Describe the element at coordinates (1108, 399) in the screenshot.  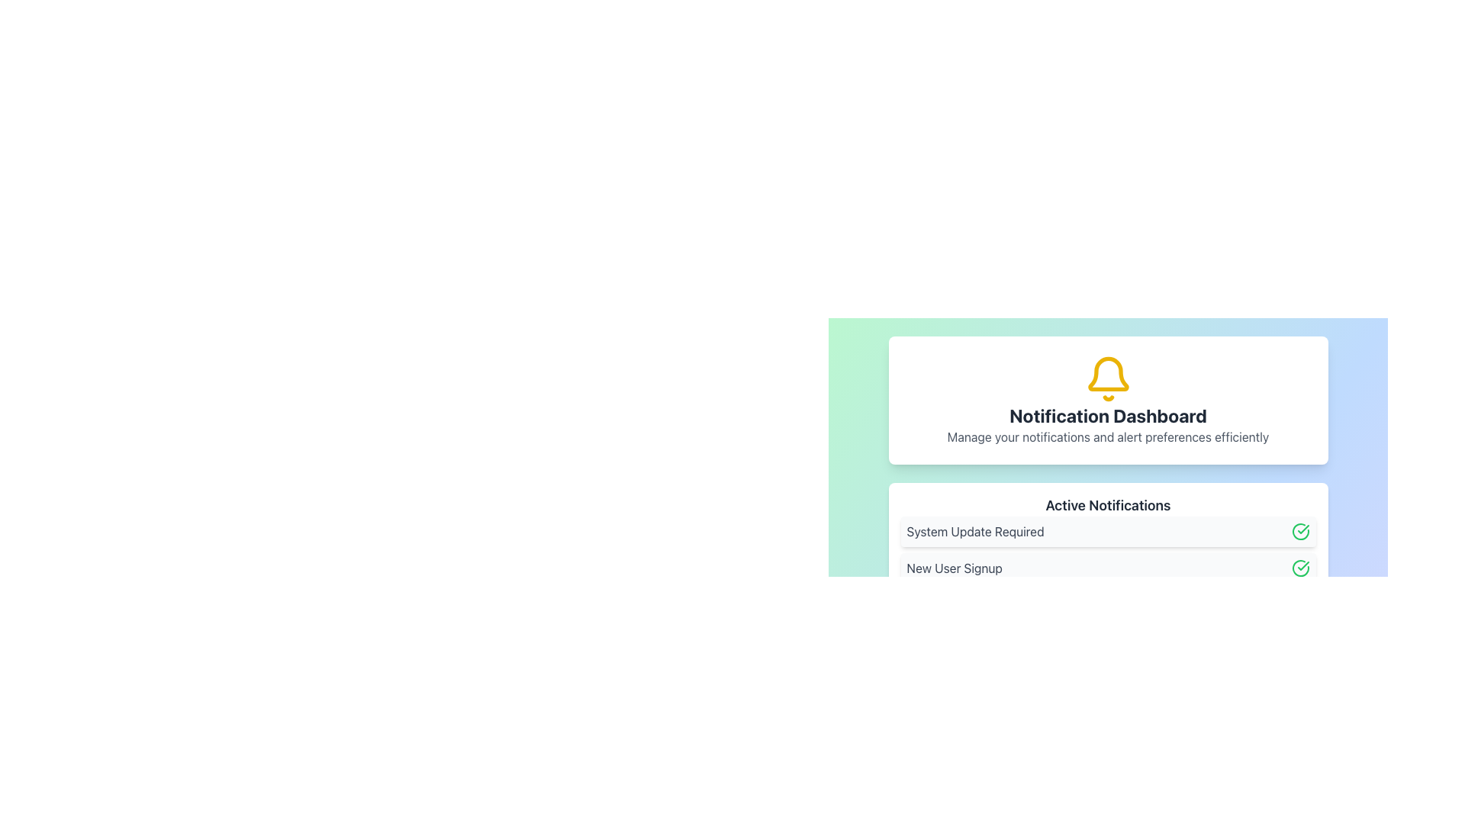
I see `displayed text from the Informational Card located at the top of the notification dashboard, which provides context for notification-related functionalities` at that location.